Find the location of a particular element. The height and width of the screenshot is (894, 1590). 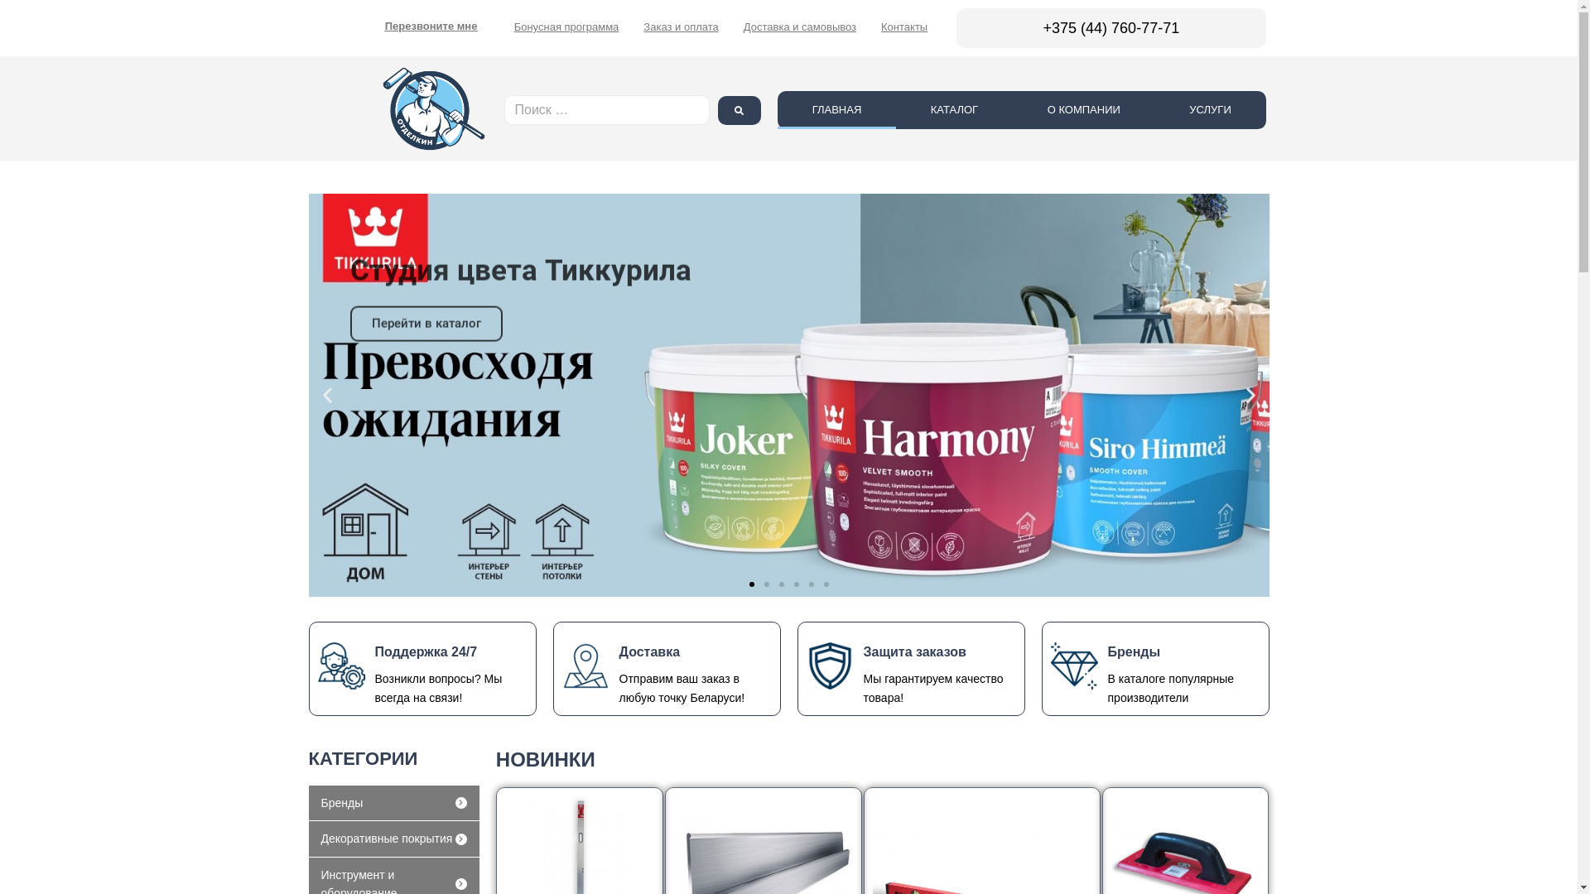

'+375 (44) 760-77-71' is located at coordinates (1111, 28).